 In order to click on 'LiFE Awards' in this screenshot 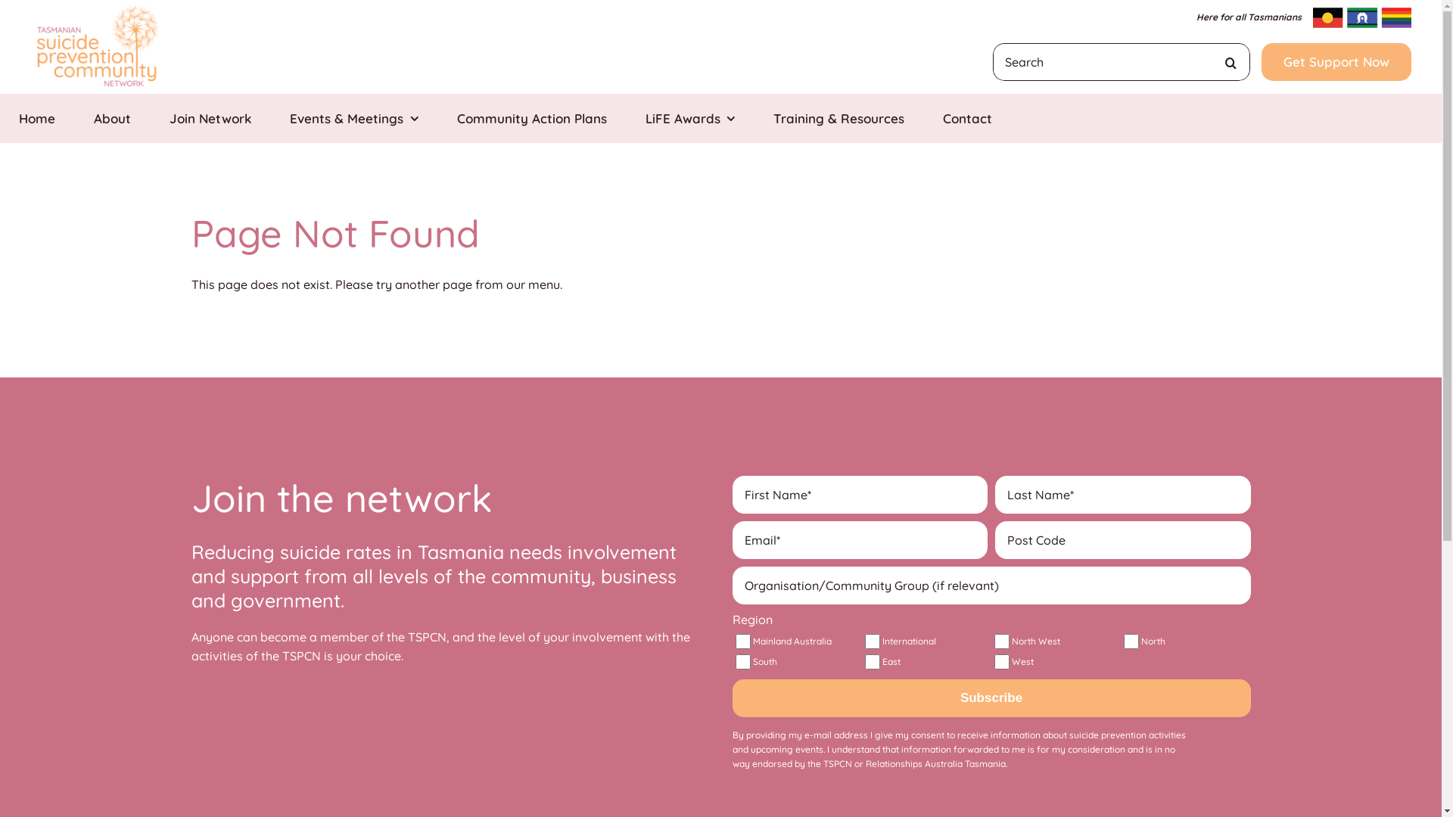, I will do `click(689, 117)`.